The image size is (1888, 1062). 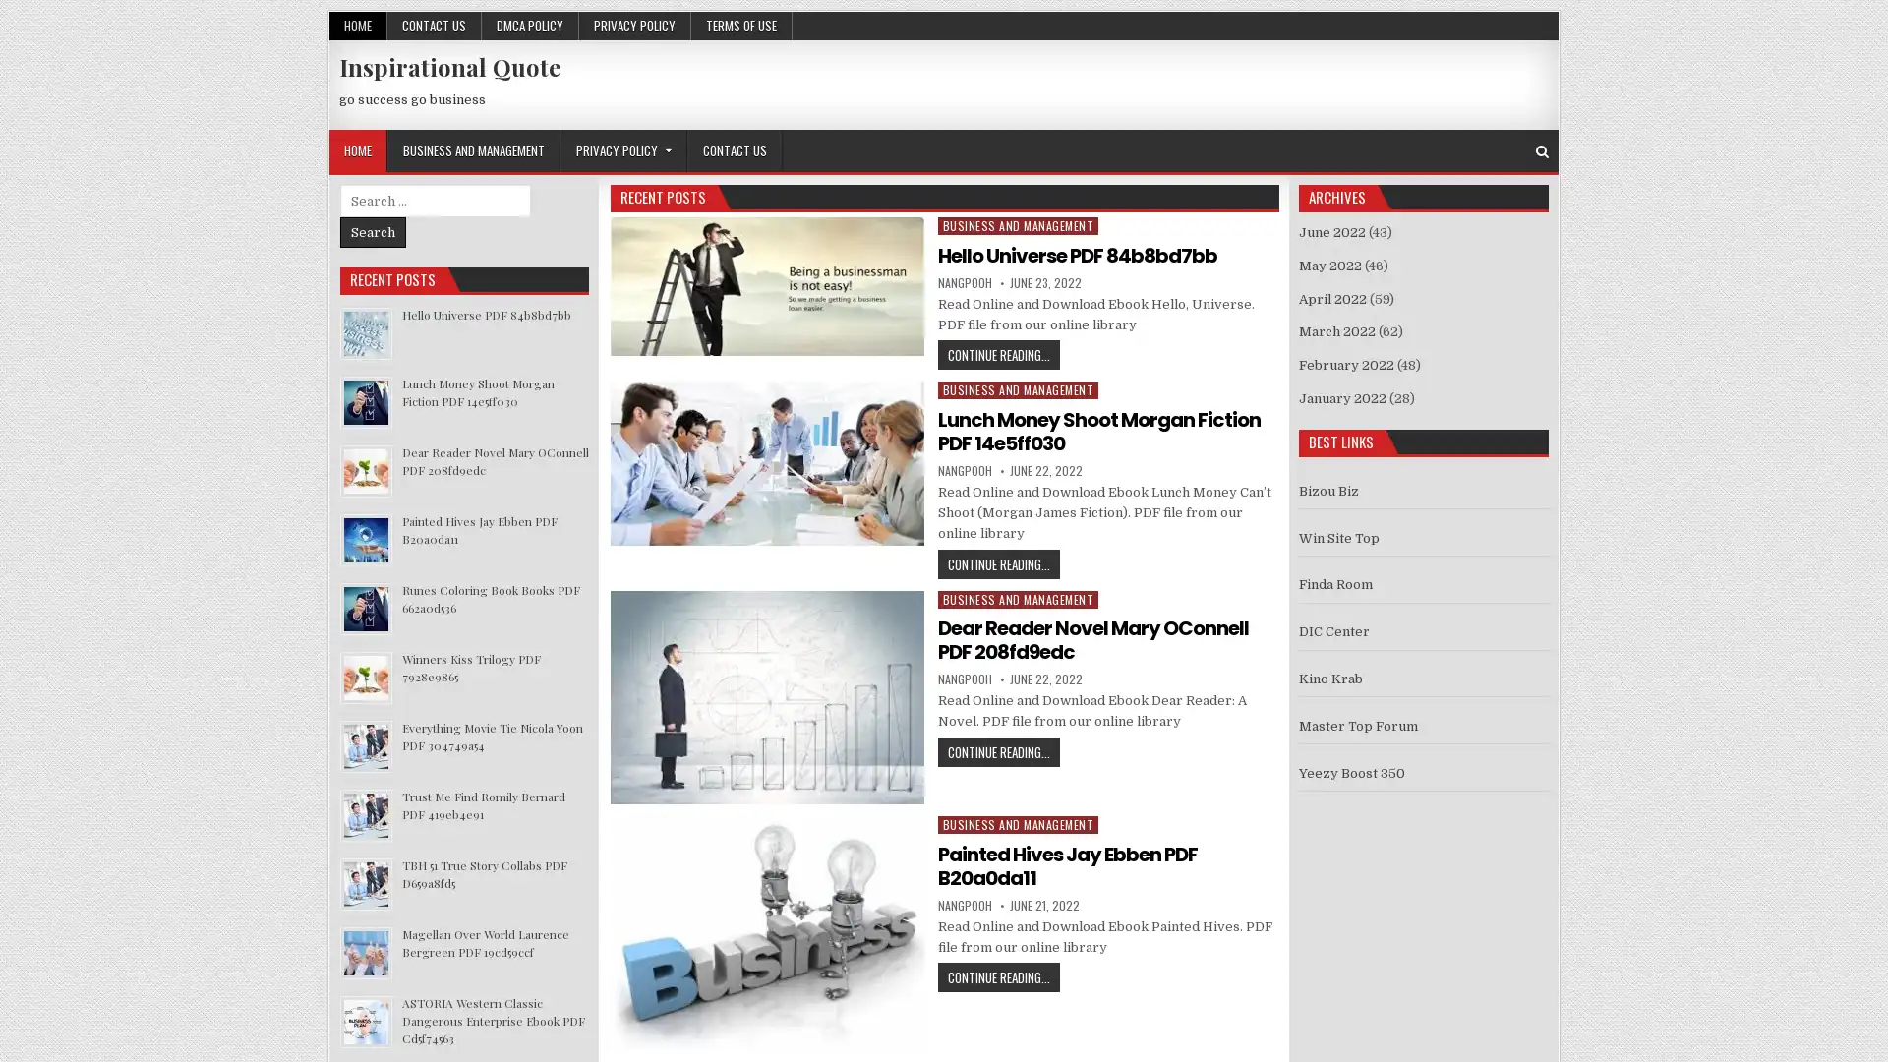 I want to click on Search, so click(x=372, y=231).